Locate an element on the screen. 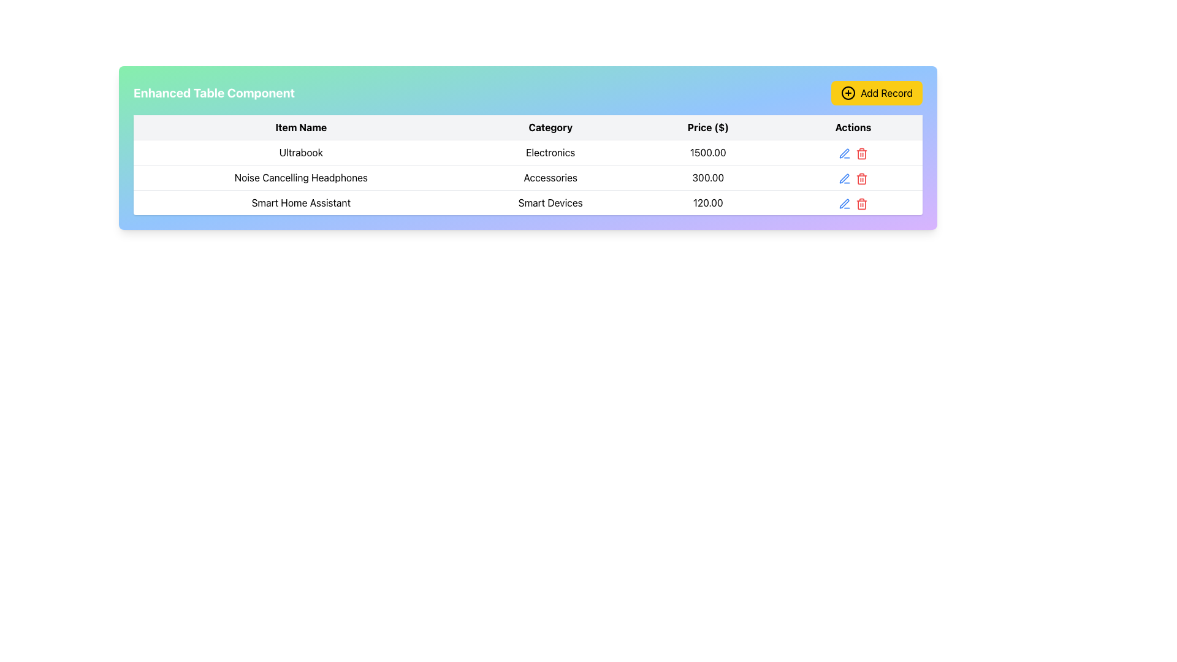 The width and height of the screenshot is (1177, 662). the red trash bin icon button in the 'Actions' column to initiate deletion for the 'Smart Home Assistant' item is located at coordinates (861, 202).